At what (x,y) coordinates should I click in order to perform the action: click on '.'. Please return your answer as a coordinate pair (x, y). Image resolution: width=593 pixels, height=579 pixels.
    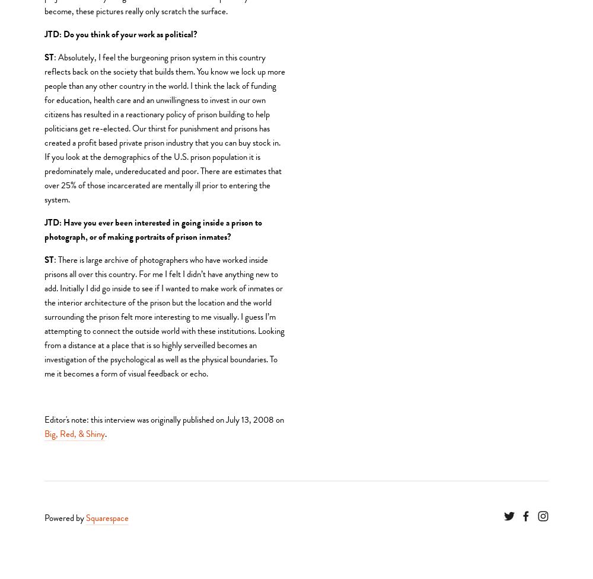
    Looking at the image, I should click on (107, 433).